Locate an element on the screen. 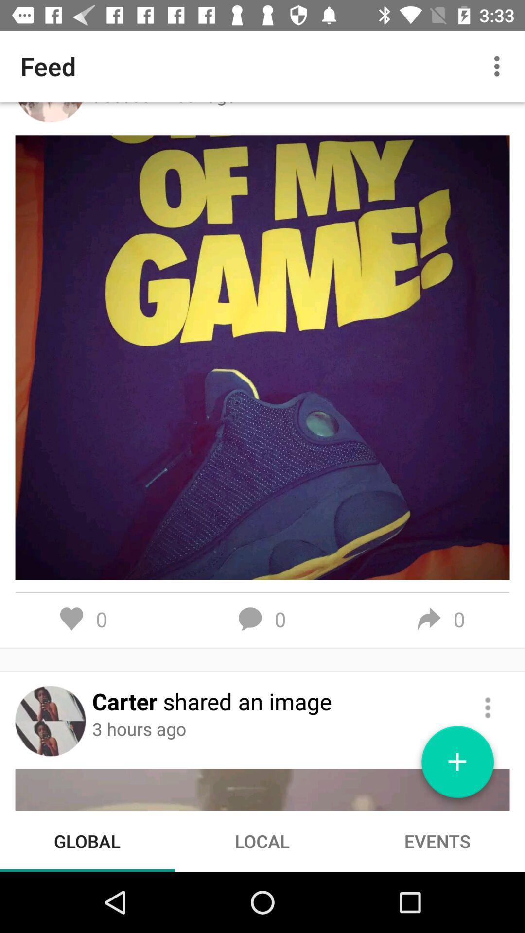 The height and width of the screenshot is (933, 525). user avatar is located at coordinates (50, 721).